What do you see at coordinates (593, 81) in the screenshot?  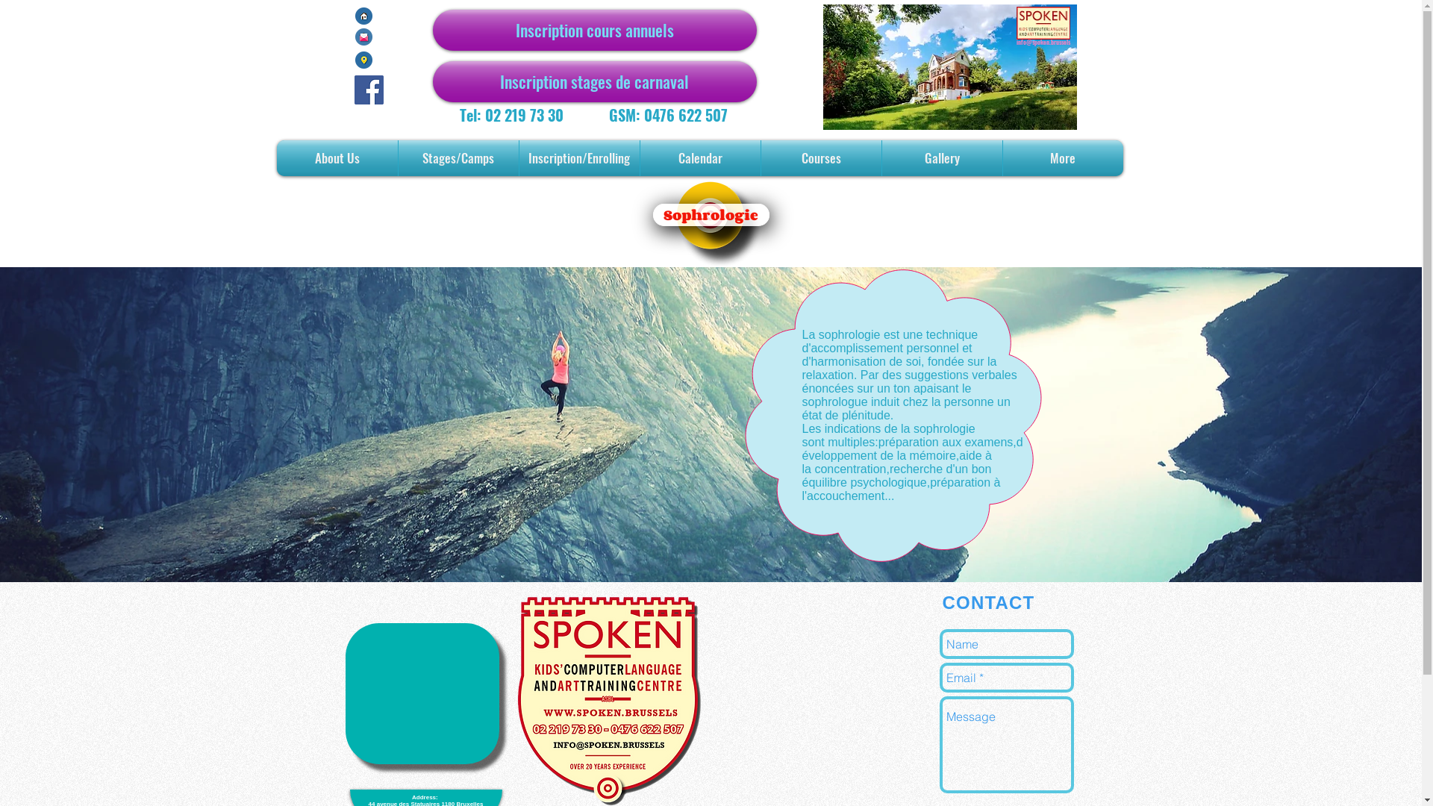 I see `'Inscription stages de carnaval'` at bounding box center [593, 81].